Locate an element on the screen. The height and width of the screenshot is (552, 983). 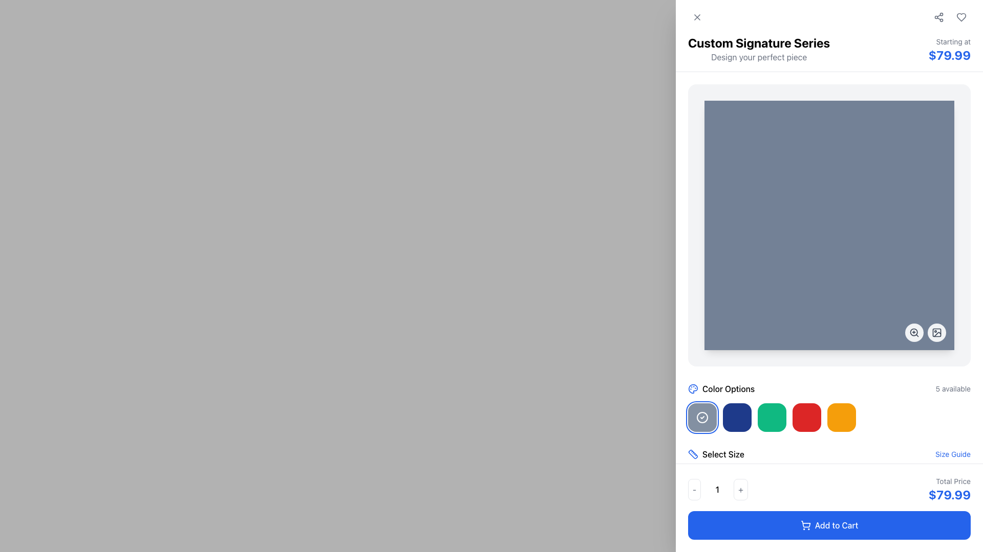
the first circular button in the 'Color Options' section, which serves as an indicator of the currently selected option or status is located at coordinates (702, 418).